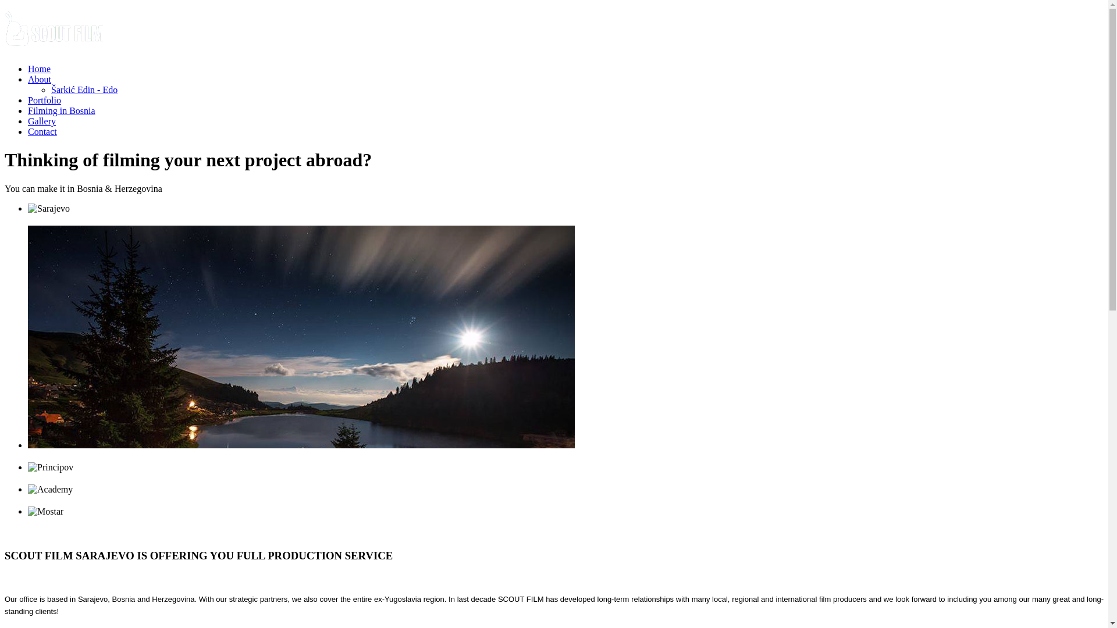 The height and width of the screenshot is (628, 1117). What do you see at coordinates (39, 69) in the screenshot?
I see `'Home'` at bounding box center [39, 69].